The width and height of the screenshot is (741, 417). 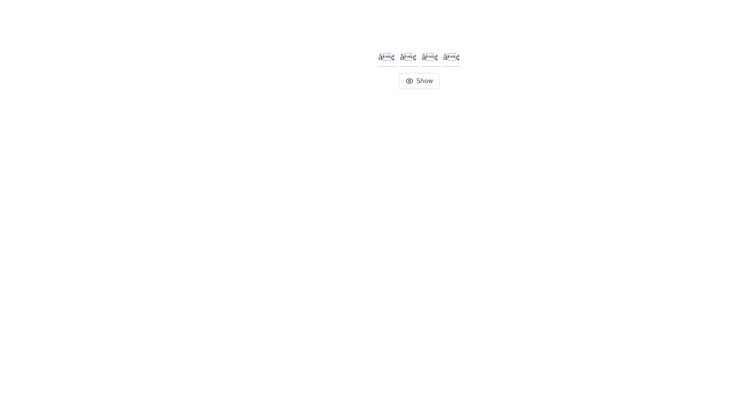 I want to click on the 'Show' button, which is a light gray rectangular button with rounded corners and an eye icon, located below a row of four text input elements, so click(x=418, y=81).